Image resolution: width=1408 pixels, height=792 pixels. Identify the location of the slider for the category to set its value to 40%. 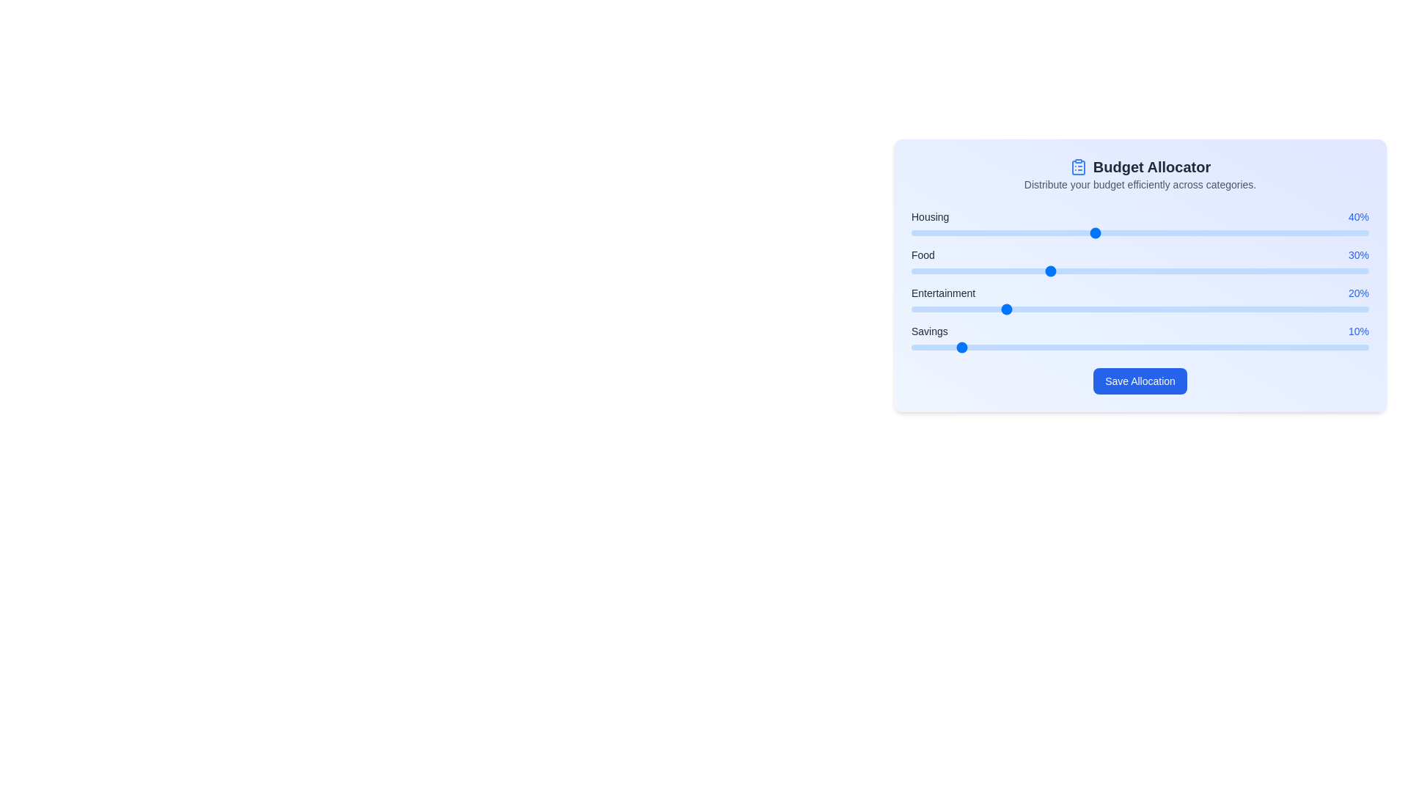
(1094, 232).